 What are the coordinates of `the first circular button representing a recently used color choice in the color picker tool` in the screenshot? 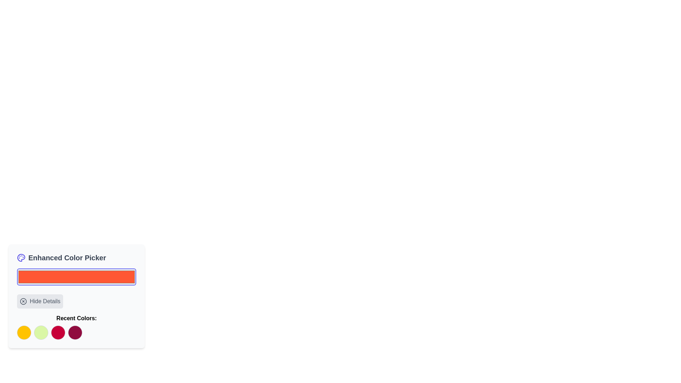 It's located at (24, 332).